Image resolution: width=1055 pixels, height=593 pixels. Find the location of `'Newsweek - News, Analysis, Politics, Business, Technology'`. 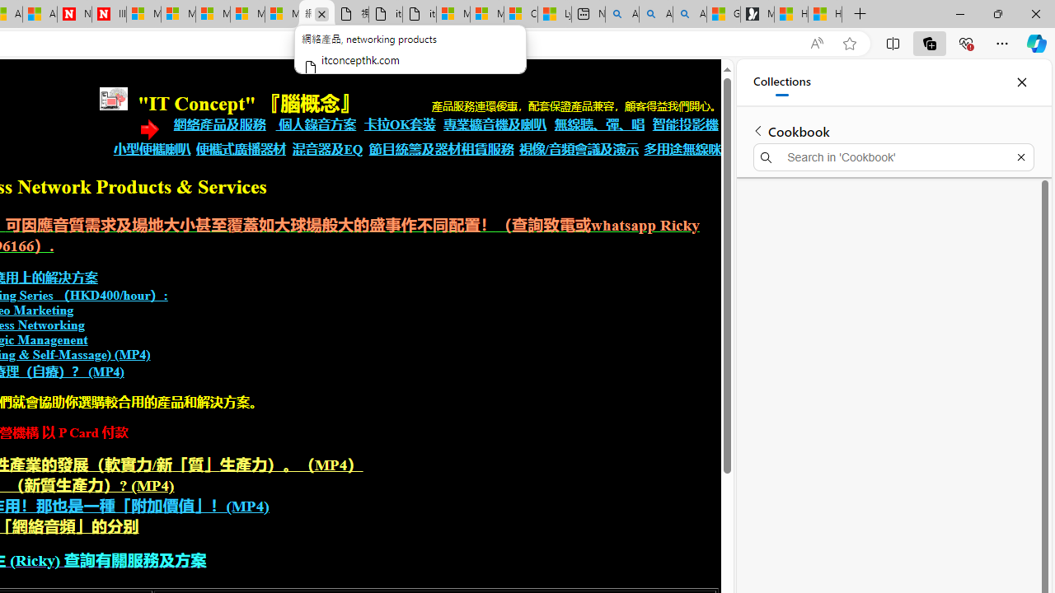

'Newsweek - News, Analysis, Politics, Business, Technology' is located at coordinates (73, 14).